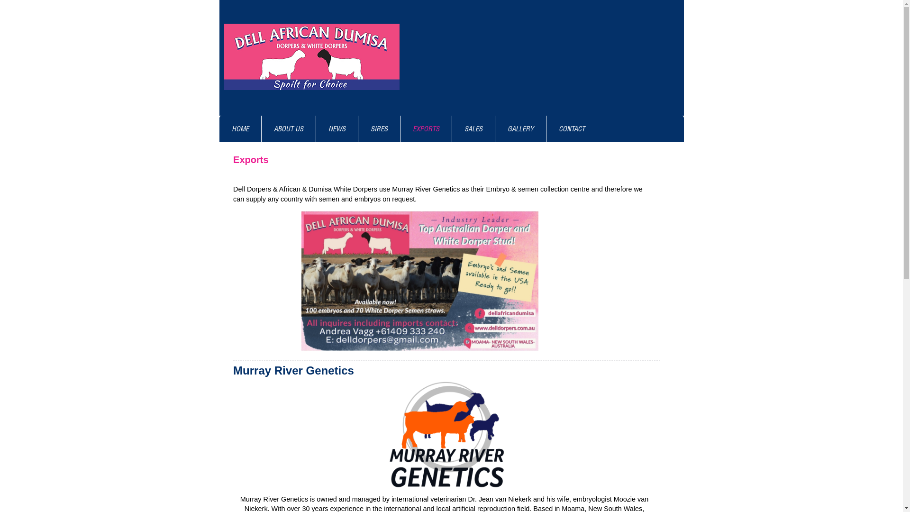 The width and height of the screenshot is (910, 512). I want to click on 'EXPORTS', so click(425, 129).